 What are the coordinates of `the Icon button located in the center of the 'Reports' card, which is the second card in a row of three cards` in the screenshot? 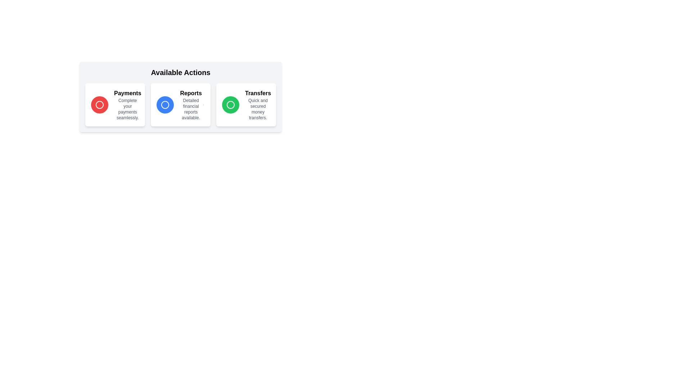 It's located at (165, 105).